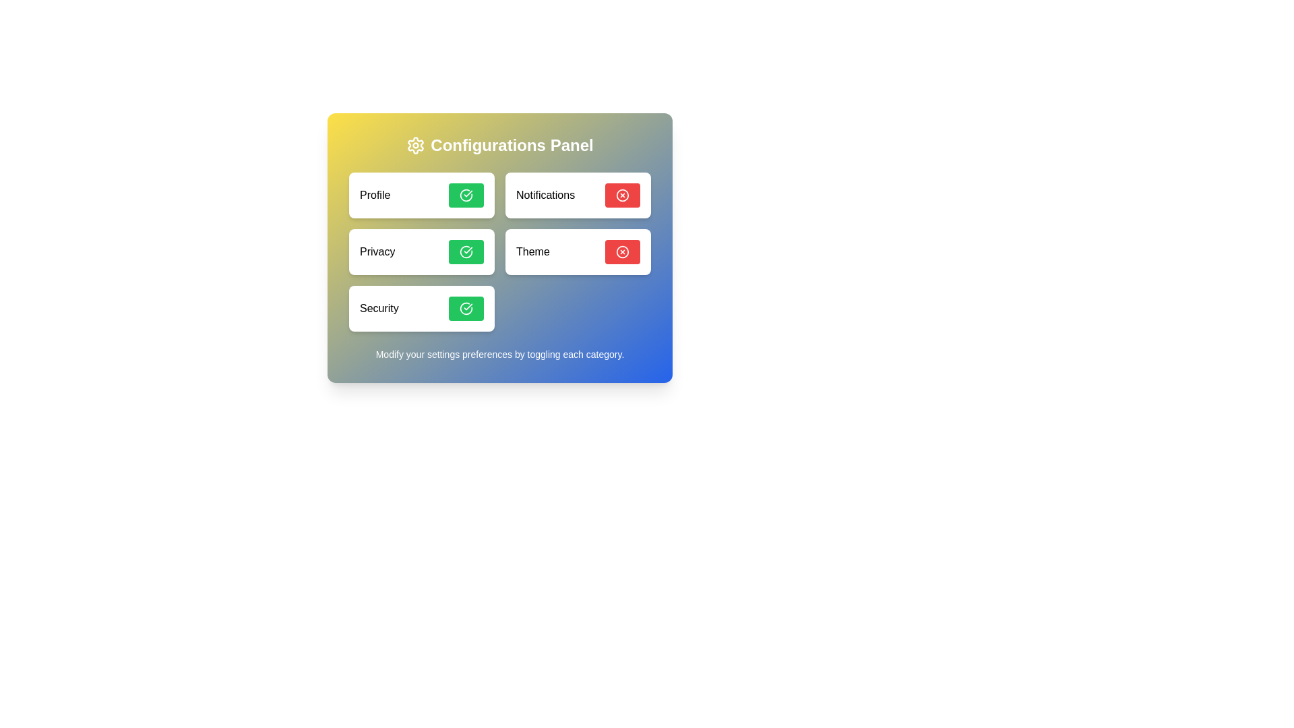  What do you see at coordinates (499, 353) in the screenshot?
I see `text label located at the bottom part of the 'Configurations Panel', positioned centrally underneath all other components for guidance` at bounding box center [499, 353].